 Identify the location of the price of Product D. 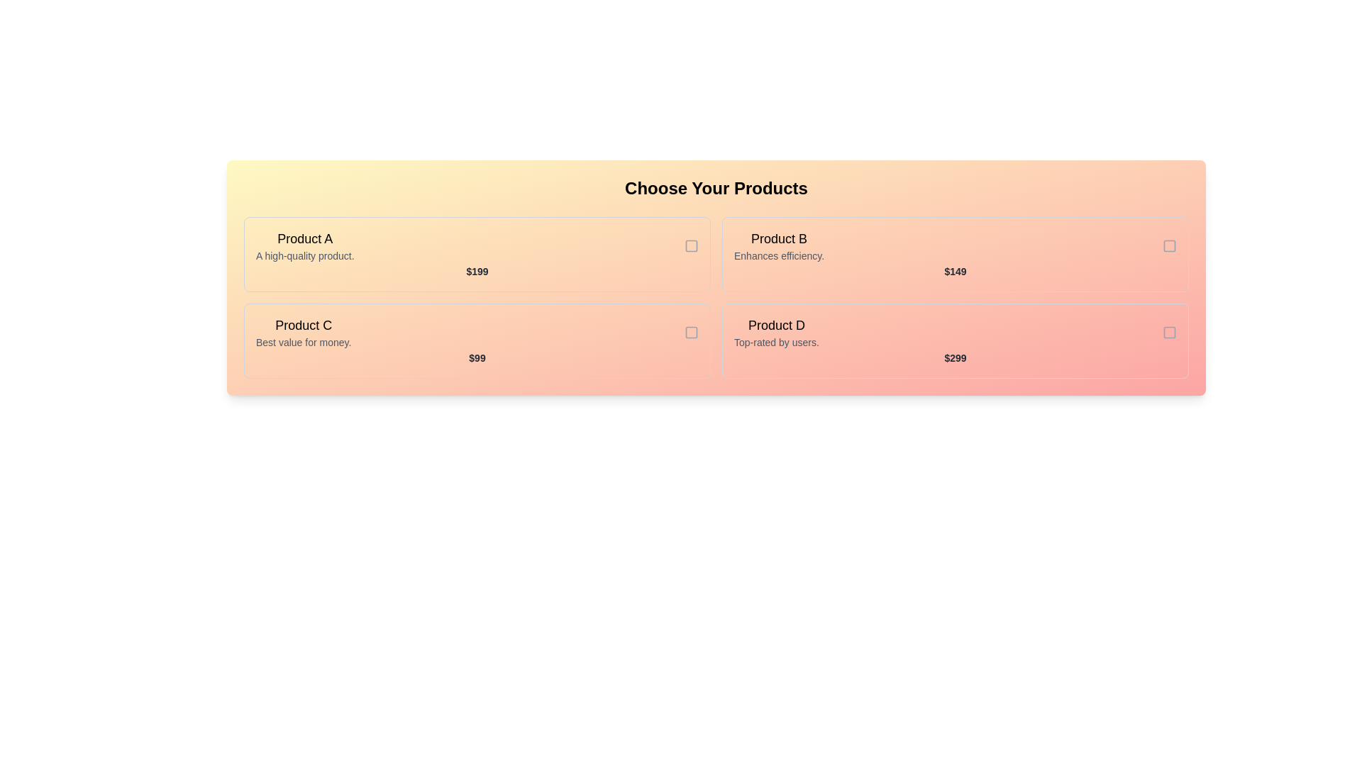
(956, 357).